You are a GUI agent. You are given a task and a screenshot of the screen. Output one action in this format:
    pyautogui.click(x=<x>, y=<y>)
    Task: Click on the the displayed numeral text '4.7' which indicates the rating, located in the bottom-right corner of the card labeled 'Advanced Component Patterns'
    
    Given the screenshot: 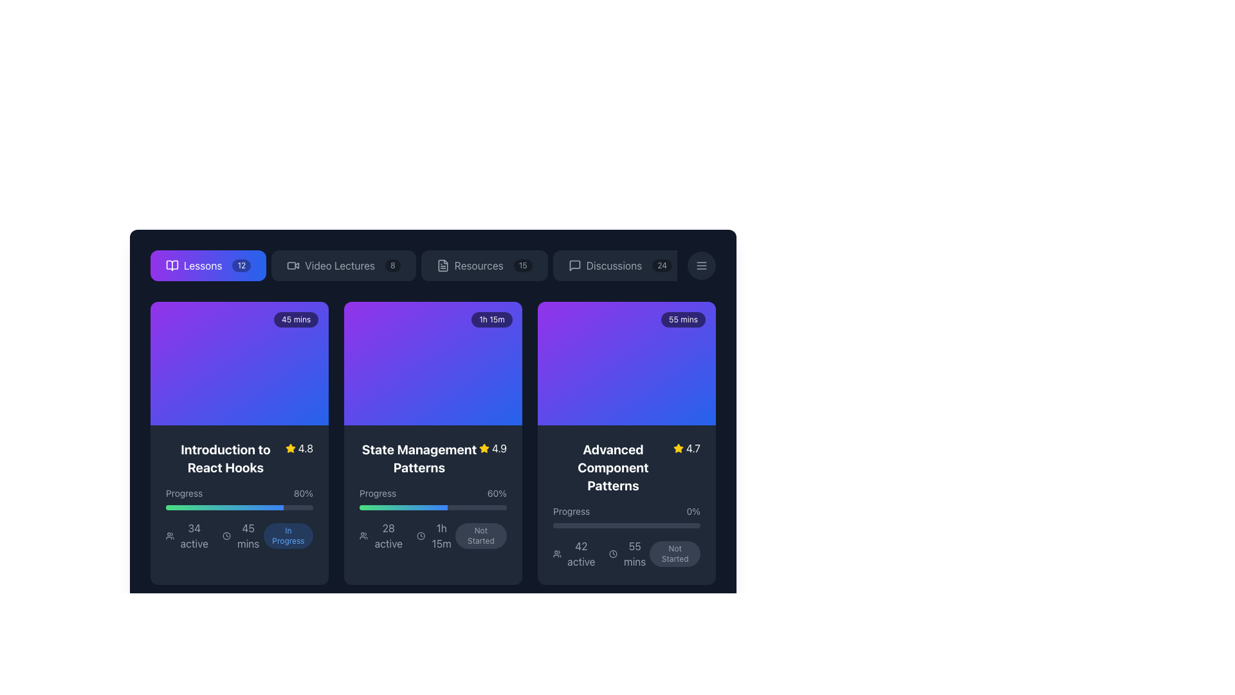 What is the action you would take?
    pyautogui.click(x=692, y=448)
    